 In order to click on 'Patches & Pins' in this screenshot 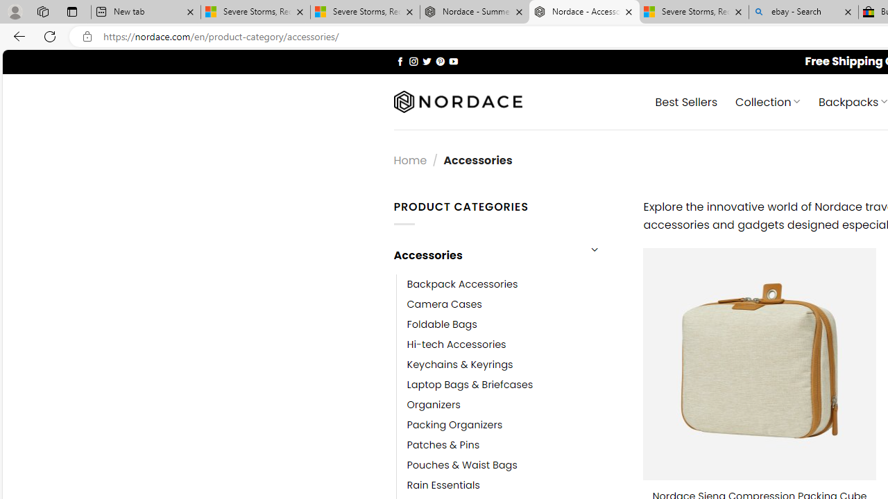, I will do `click(443, 445)`.